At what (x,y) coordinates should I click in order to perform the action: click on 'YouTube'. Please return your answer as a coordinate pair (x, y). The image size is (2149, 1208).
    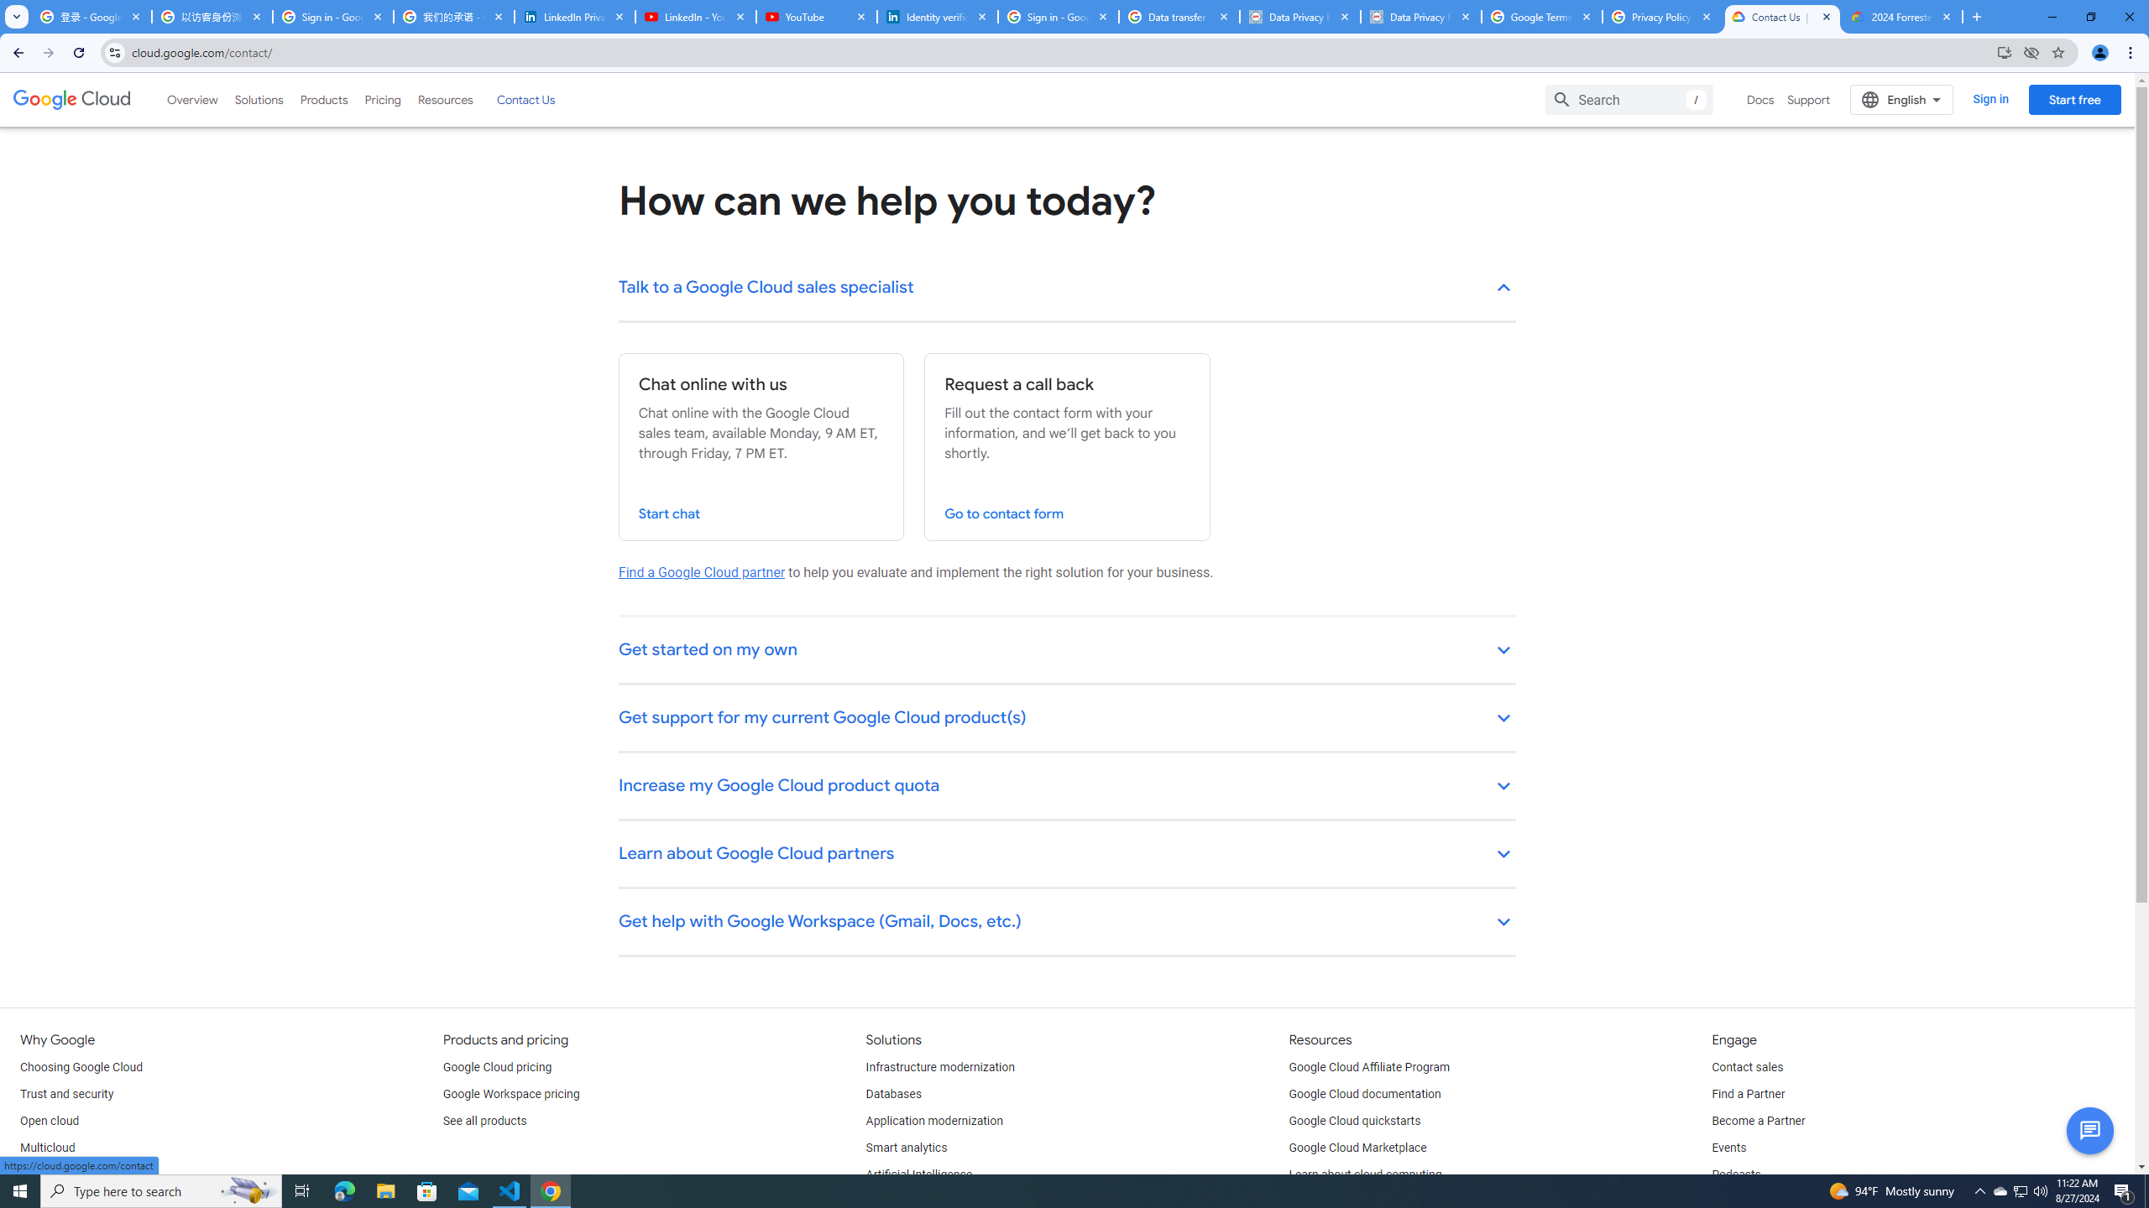
    Looking at the image, I should click on (815, 16).